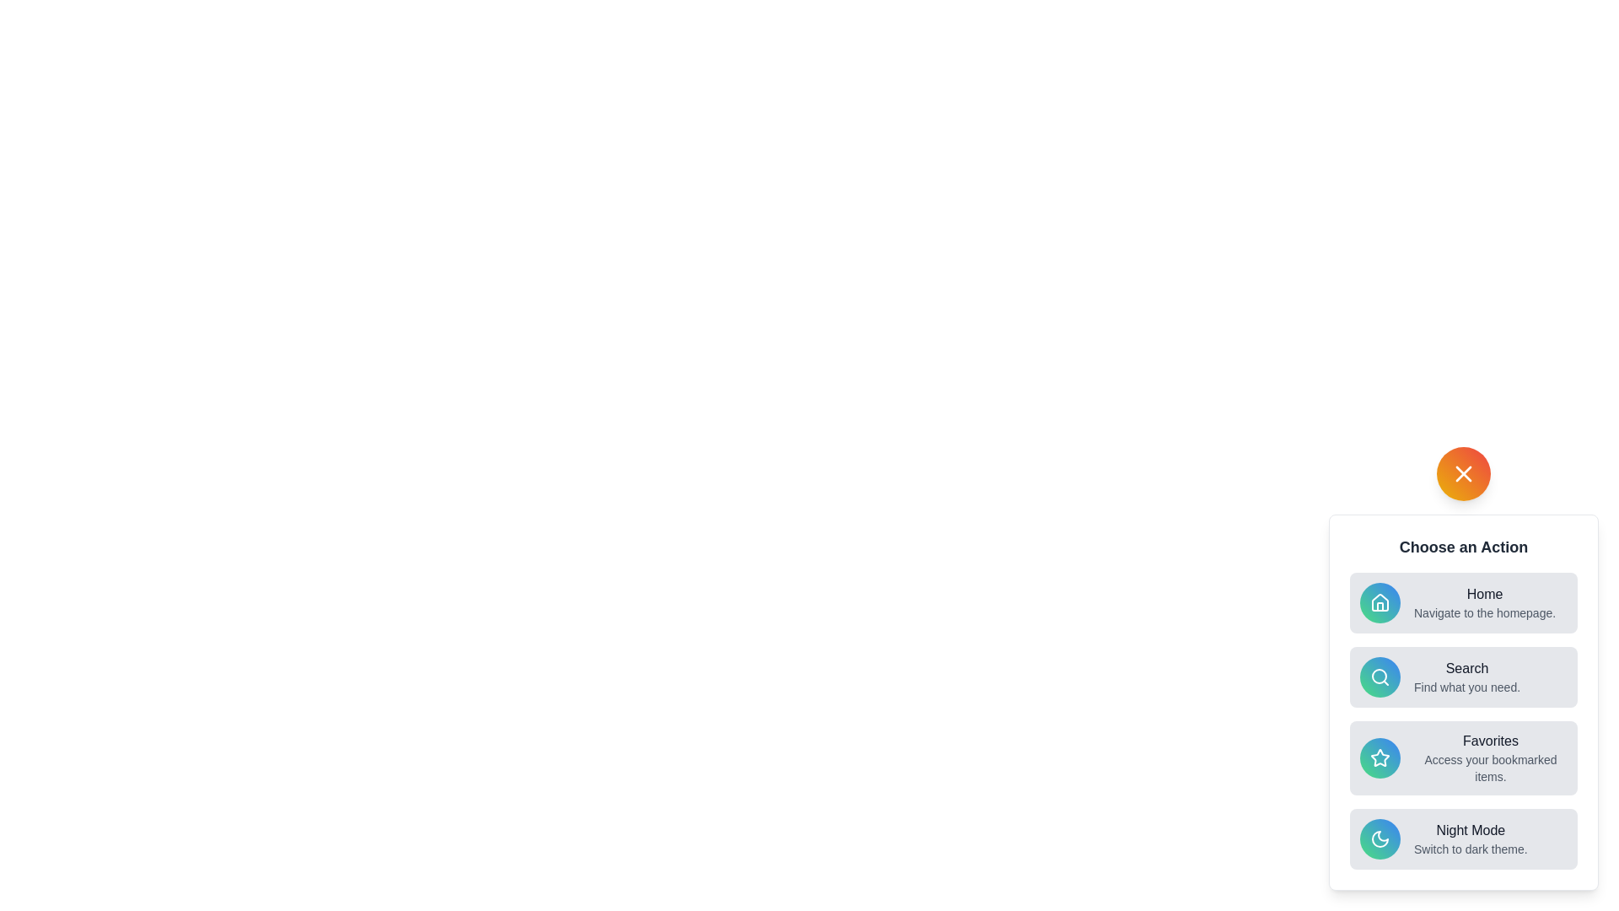  What do you see at coordinates (1463, 474) in the screenshot?
I see `central button to toggle the speed dial menu` at bounding box center [1463, 474].